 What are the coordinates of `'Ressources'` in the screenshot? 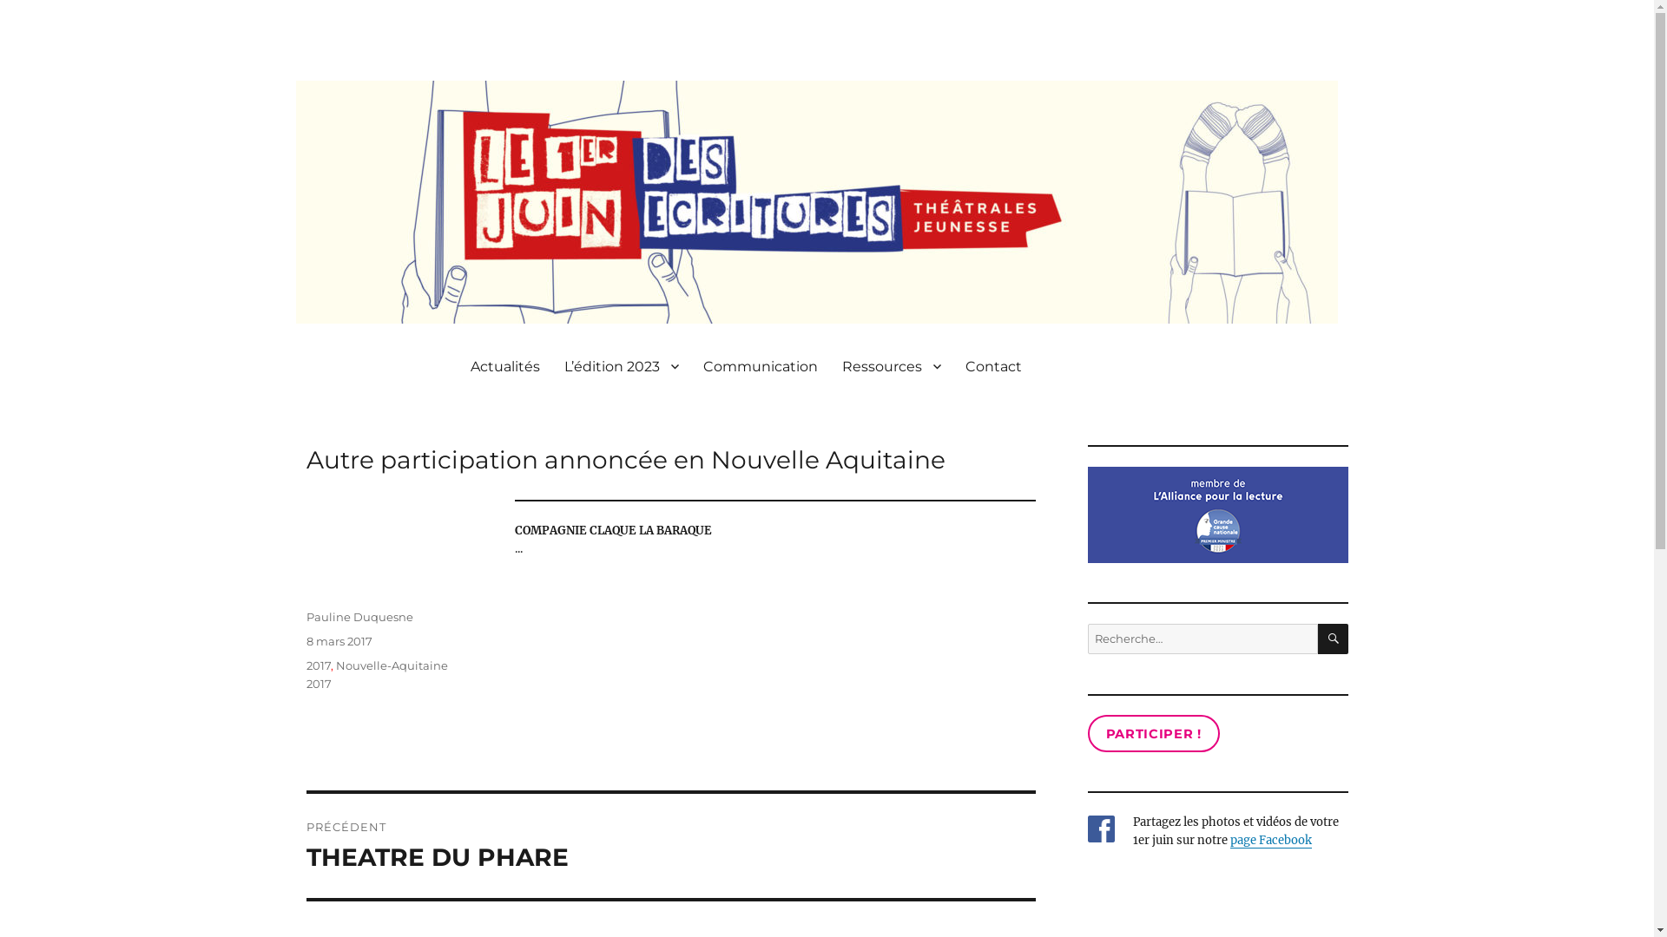 It's located at (892, 364).